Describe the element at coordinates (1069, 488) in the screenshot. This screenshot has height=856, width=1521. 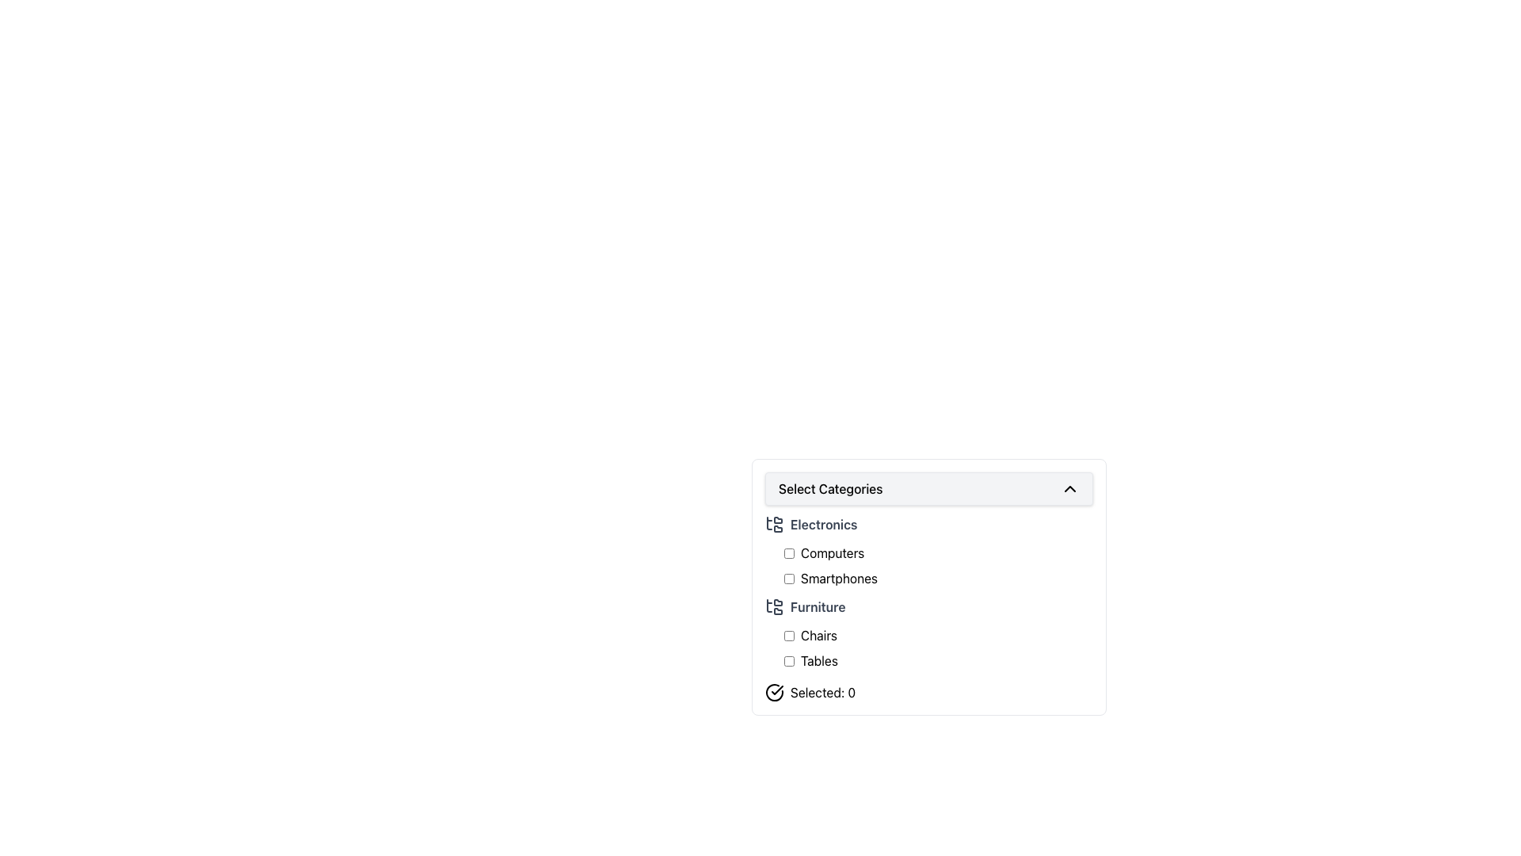
I see `the upward-pointing triangular chevron icon with a black stroke located in the upper-right corner of the 'Select Categories' header` at that location.